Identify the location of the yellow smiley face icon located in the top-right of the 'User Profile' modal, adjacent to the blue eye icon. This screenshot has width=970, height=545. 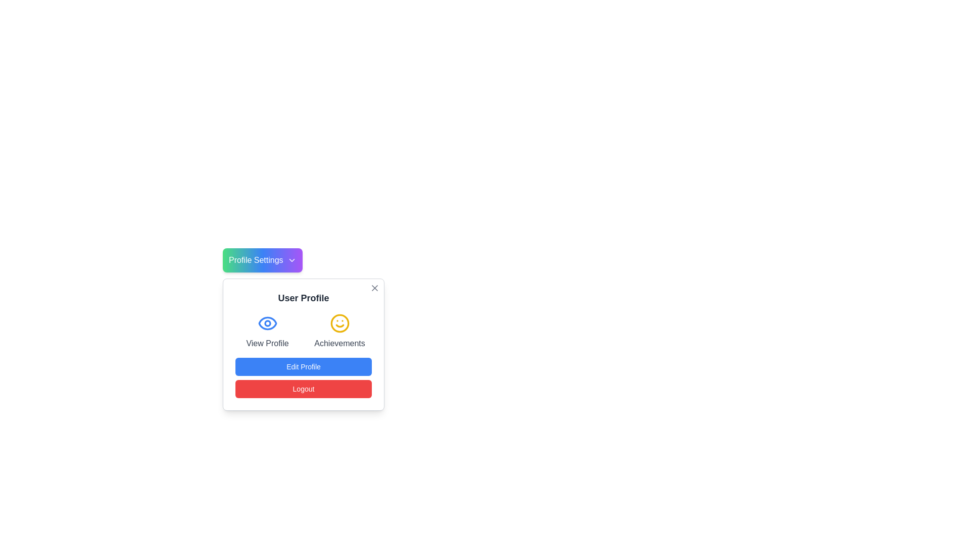
(339, 323).